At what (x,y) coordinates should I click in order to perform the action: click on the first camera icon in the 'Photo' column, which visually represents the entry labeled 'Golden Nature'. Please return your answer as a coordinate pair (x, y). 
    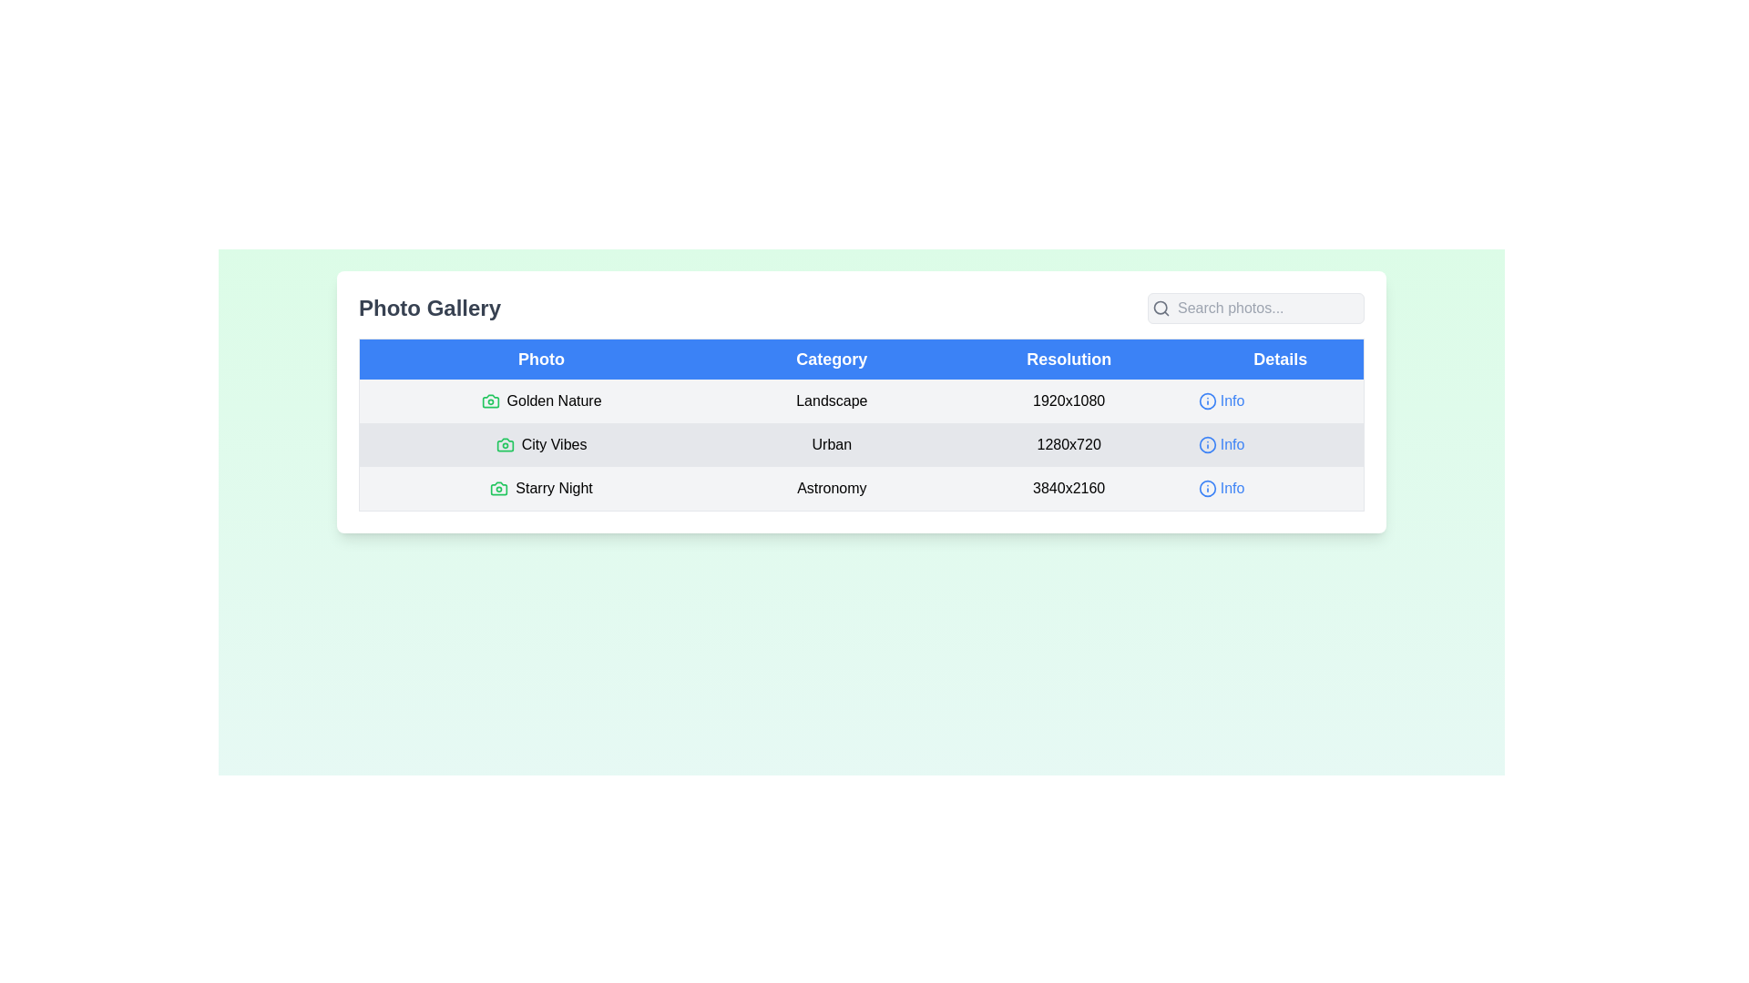
    Looking at the image, I should click on (490, 400).